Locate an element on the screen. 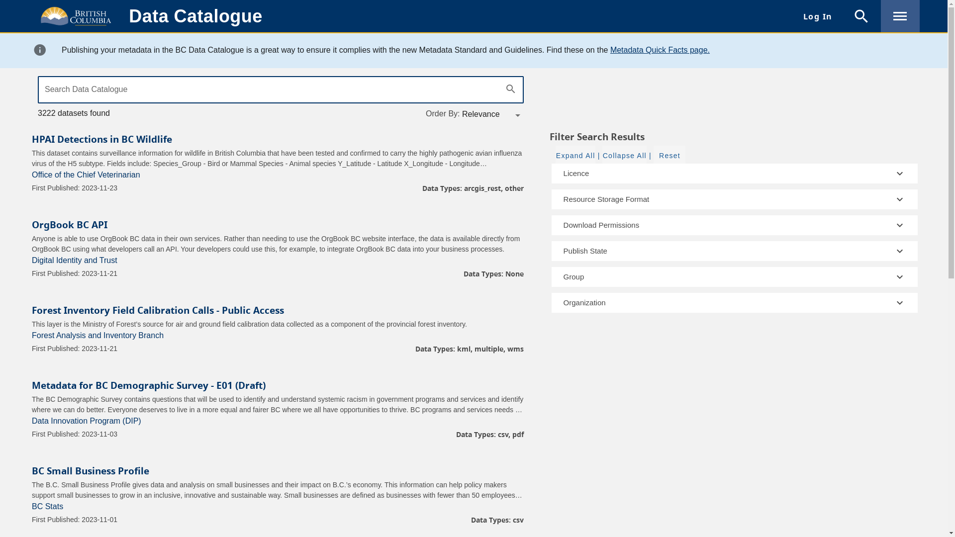 Image resolution: width=955 pixels, height=537 pixels. 'Metadata Quick Facts page.' is located at coordinates (660, 50).